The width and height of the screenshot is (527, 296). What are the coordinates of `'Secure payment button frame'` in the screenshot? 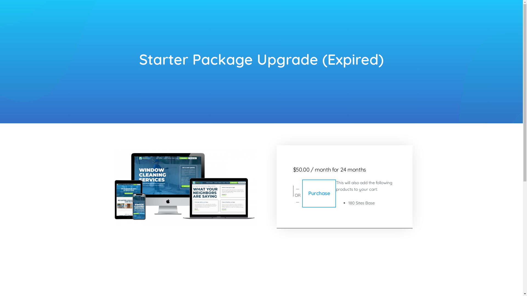 It's located at (293, 191).